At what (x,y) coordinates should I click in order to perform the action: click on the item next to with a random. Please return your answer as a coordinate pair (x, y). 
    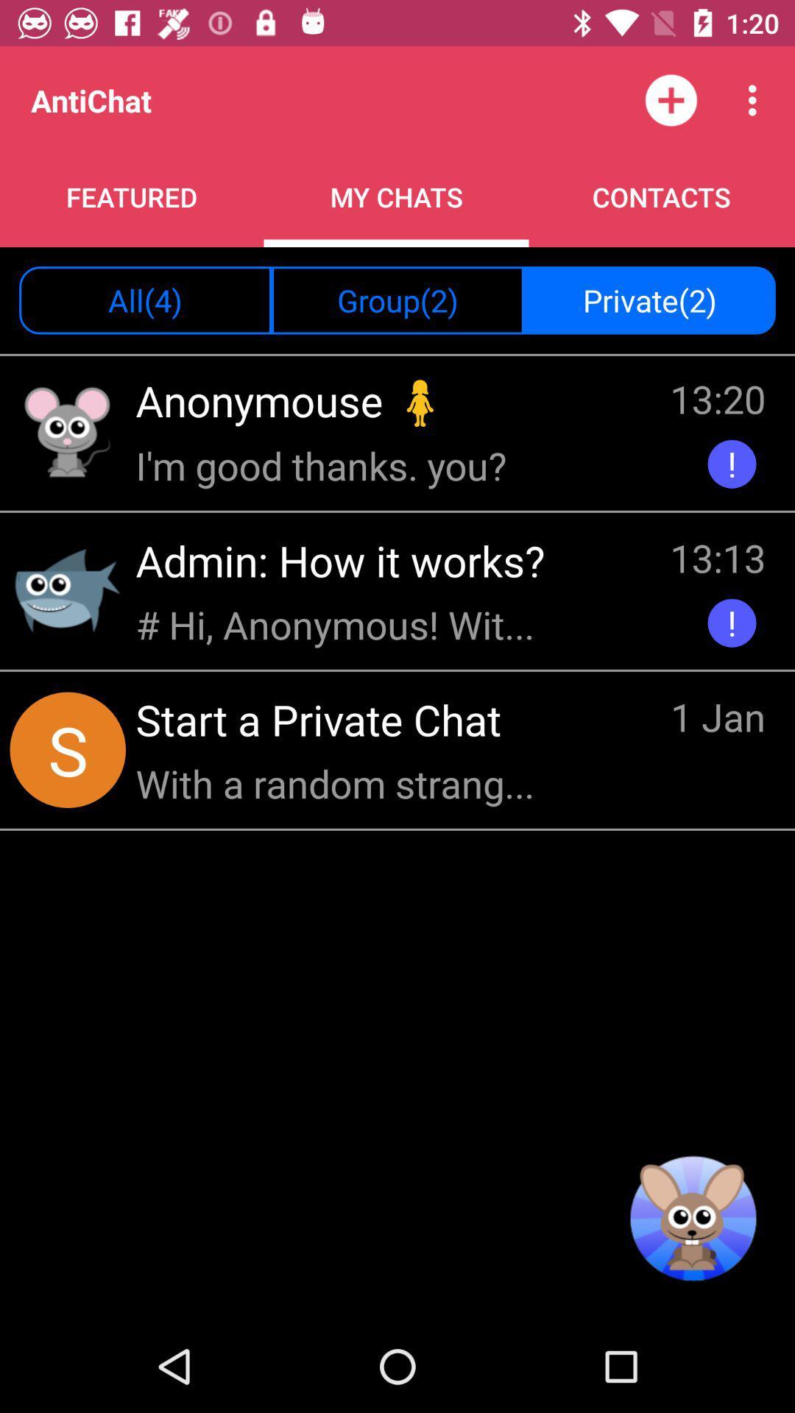
    Looking at the image, I should click on (717, 719).